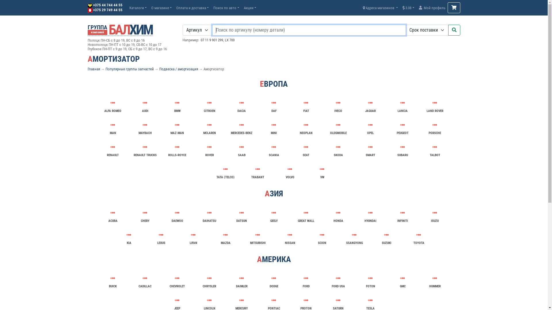  I want to click on 'GMC', so click(402, 278).